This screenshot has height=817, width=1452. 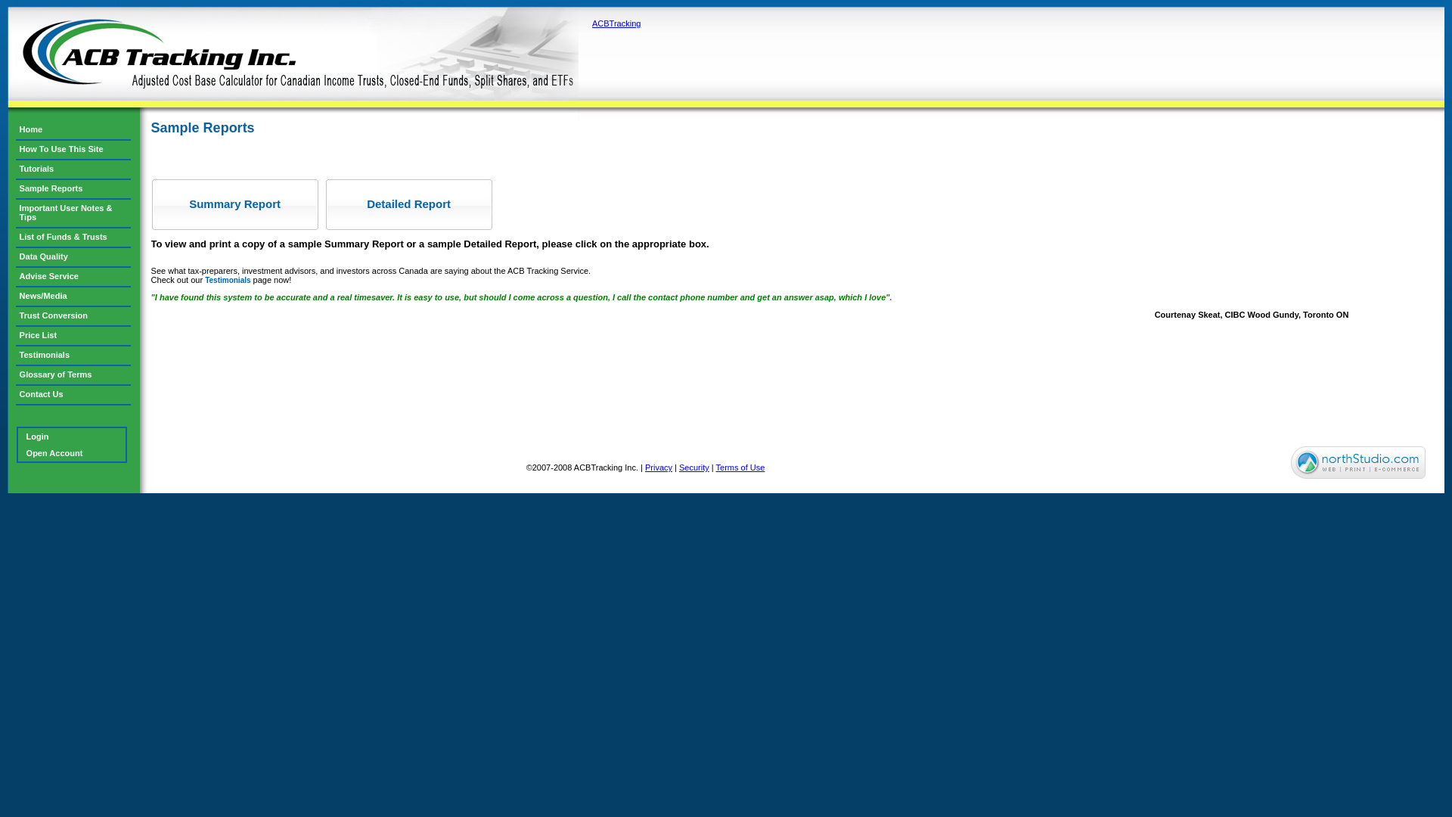 I want to click on 'Advise Service', so click(x=72, y=277).